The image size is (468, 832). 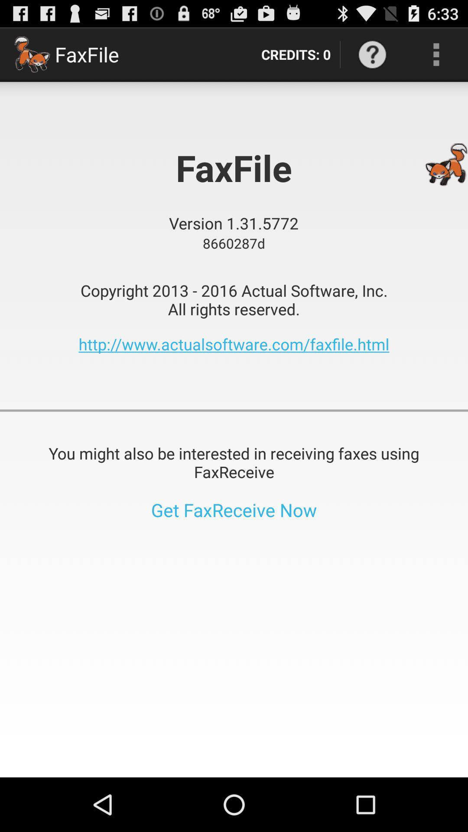 I want to click on app to the right of the faxfile app, so click(x=296, y=54).